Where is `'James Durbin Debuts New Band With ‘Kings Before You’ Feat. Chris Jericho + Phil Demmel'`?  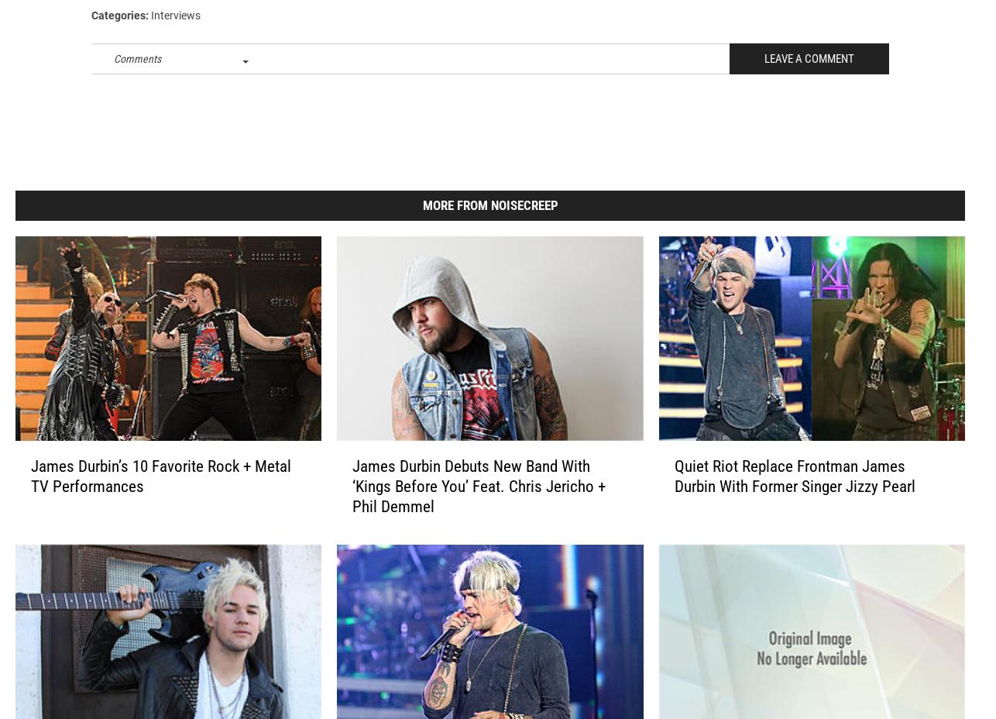 'James Durbin Debuts New Band With ‘Kings Before You’ Feat. Chris Jericho + Phil Demmel' is located at coordinates (351, 510).